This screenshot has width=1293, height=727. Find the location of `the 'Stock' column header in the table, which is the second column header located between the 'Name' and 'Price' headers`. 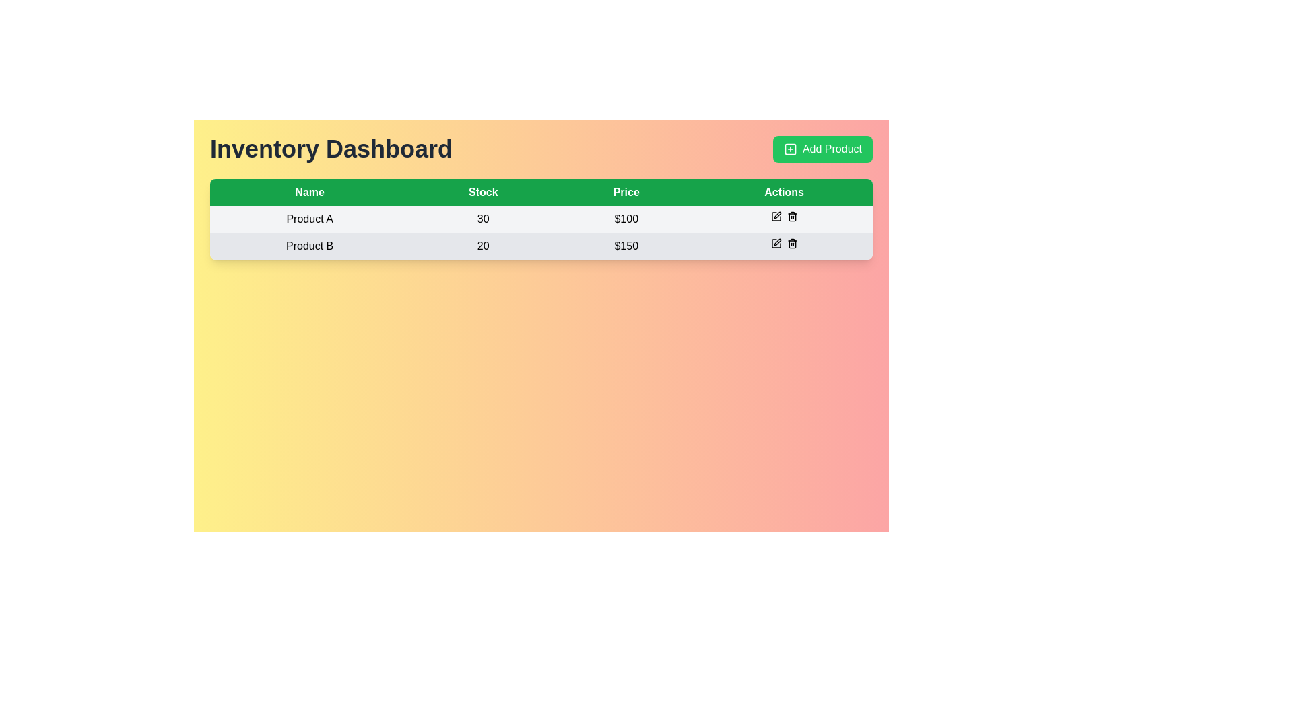

the 'Stock' column header in the table, which is the second column header located between the 'Name' and 'Price' headers is located at coordinates (483, 192).